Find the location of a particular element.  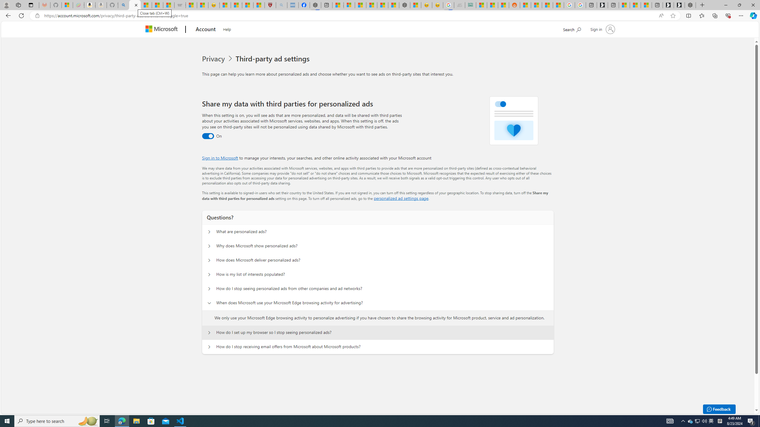

'Account' is located at coordinates (205, 29).